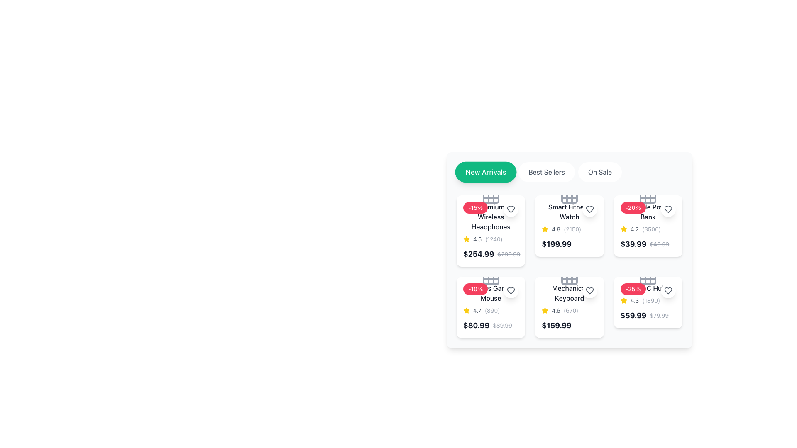 This screenshot has height=448, width=797. What do you see at coordinates (475, 289) in the screenshot?
I see `the discount tag badge indicating a 10% discount on the product within the second card of the left column` at bounding box center [475, 289].